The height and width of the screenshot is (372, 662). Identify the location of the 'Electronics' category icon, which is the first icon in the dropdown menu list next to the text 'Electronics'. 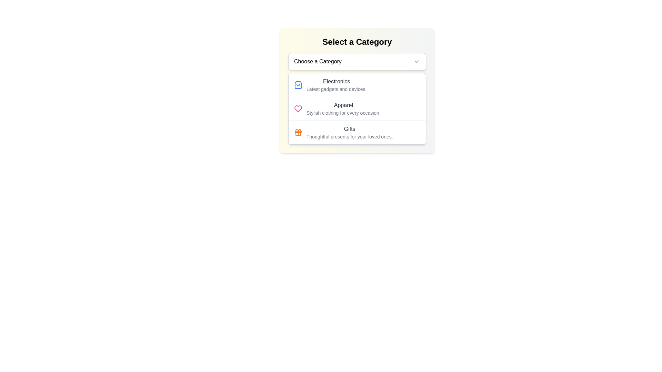
(298, 84).